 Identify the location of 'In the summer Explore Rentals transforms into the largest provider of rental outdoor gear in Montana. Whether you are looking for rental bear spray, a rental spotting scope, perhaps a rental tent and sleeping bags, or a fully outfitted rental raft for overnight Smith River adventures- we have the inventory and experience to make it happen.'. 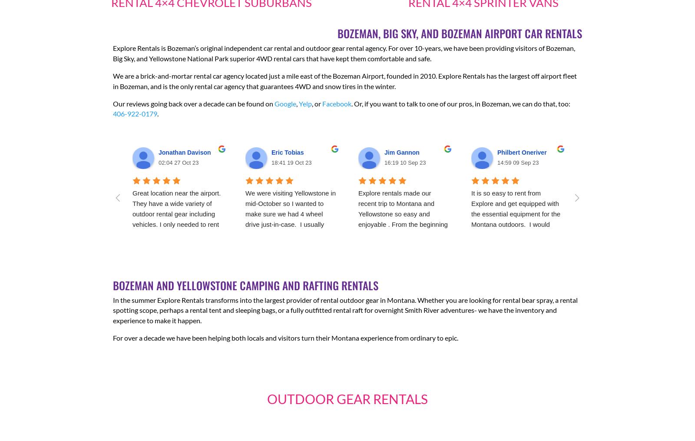
(345, 310).